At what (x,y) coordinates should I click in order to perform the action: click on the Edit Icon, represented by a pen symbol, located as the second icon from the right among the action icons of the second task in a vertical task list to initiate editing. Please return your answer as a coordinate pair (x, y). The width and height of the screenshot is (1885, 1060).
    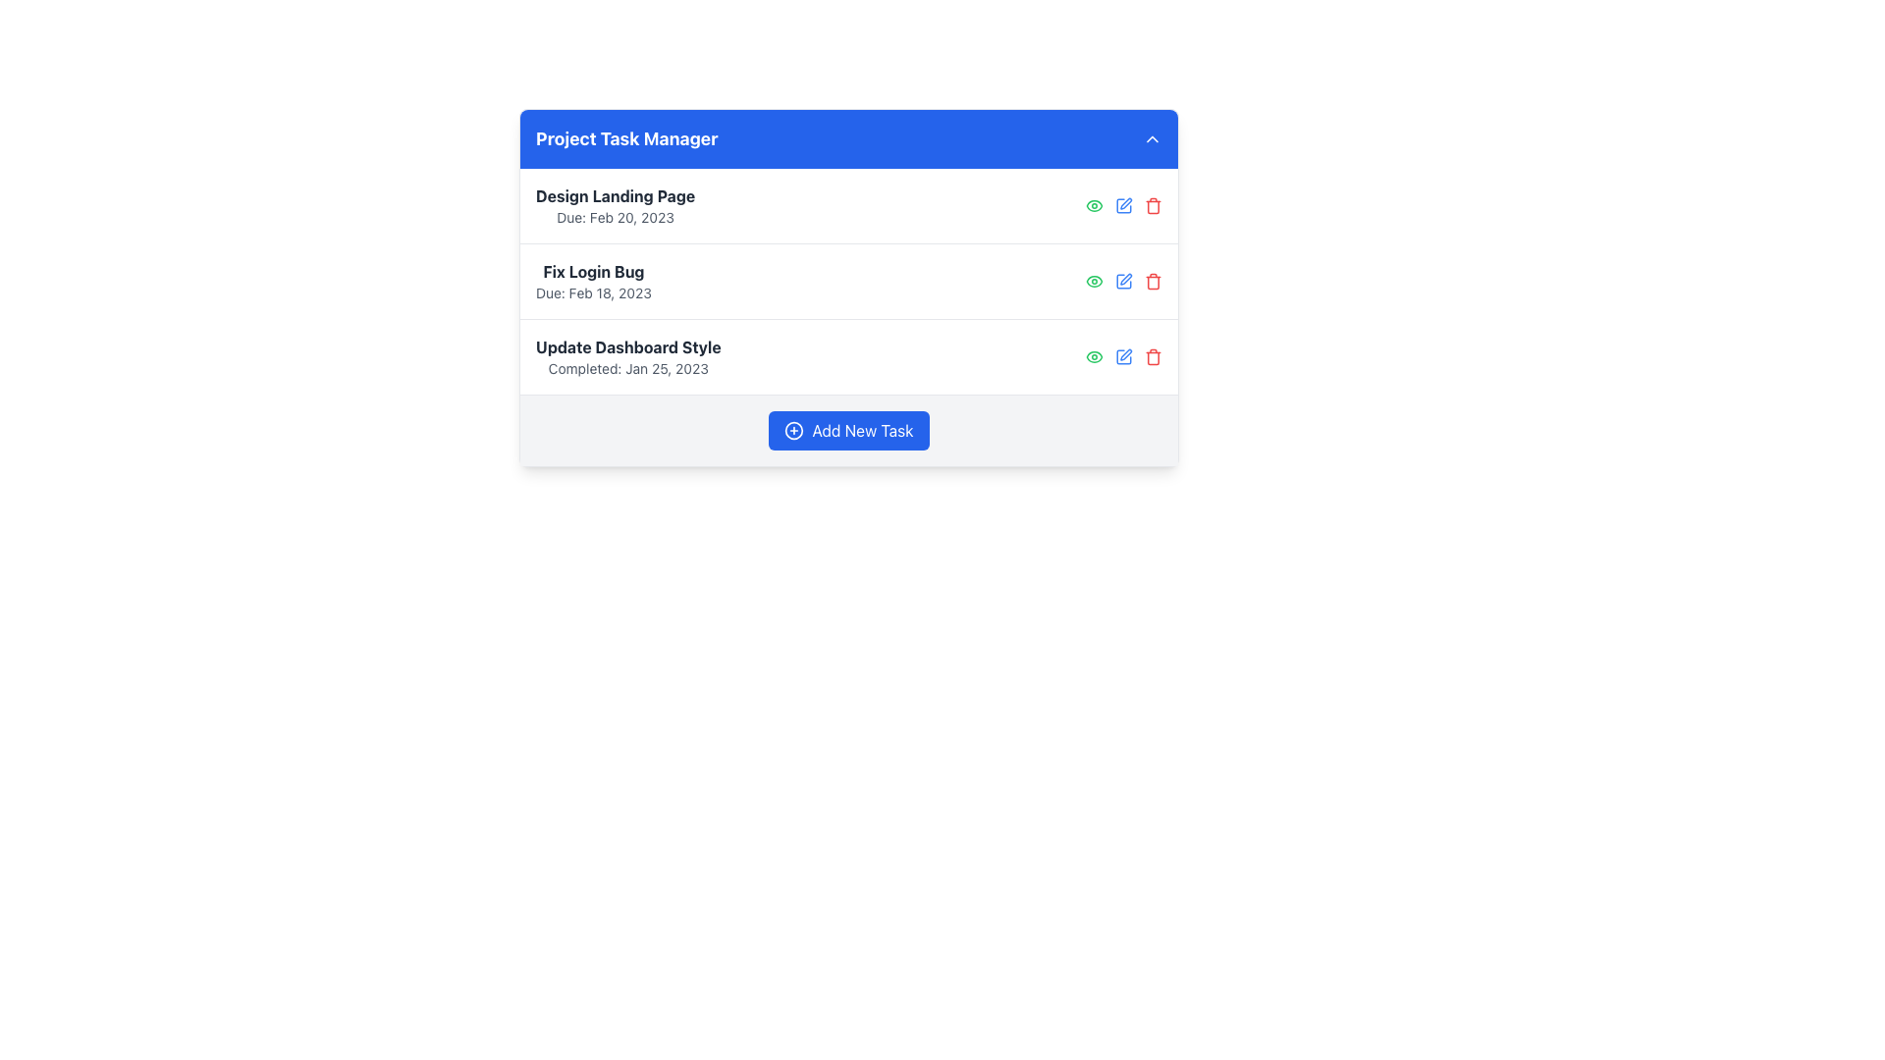
    Looking at the image, I should click on (1126, 279).